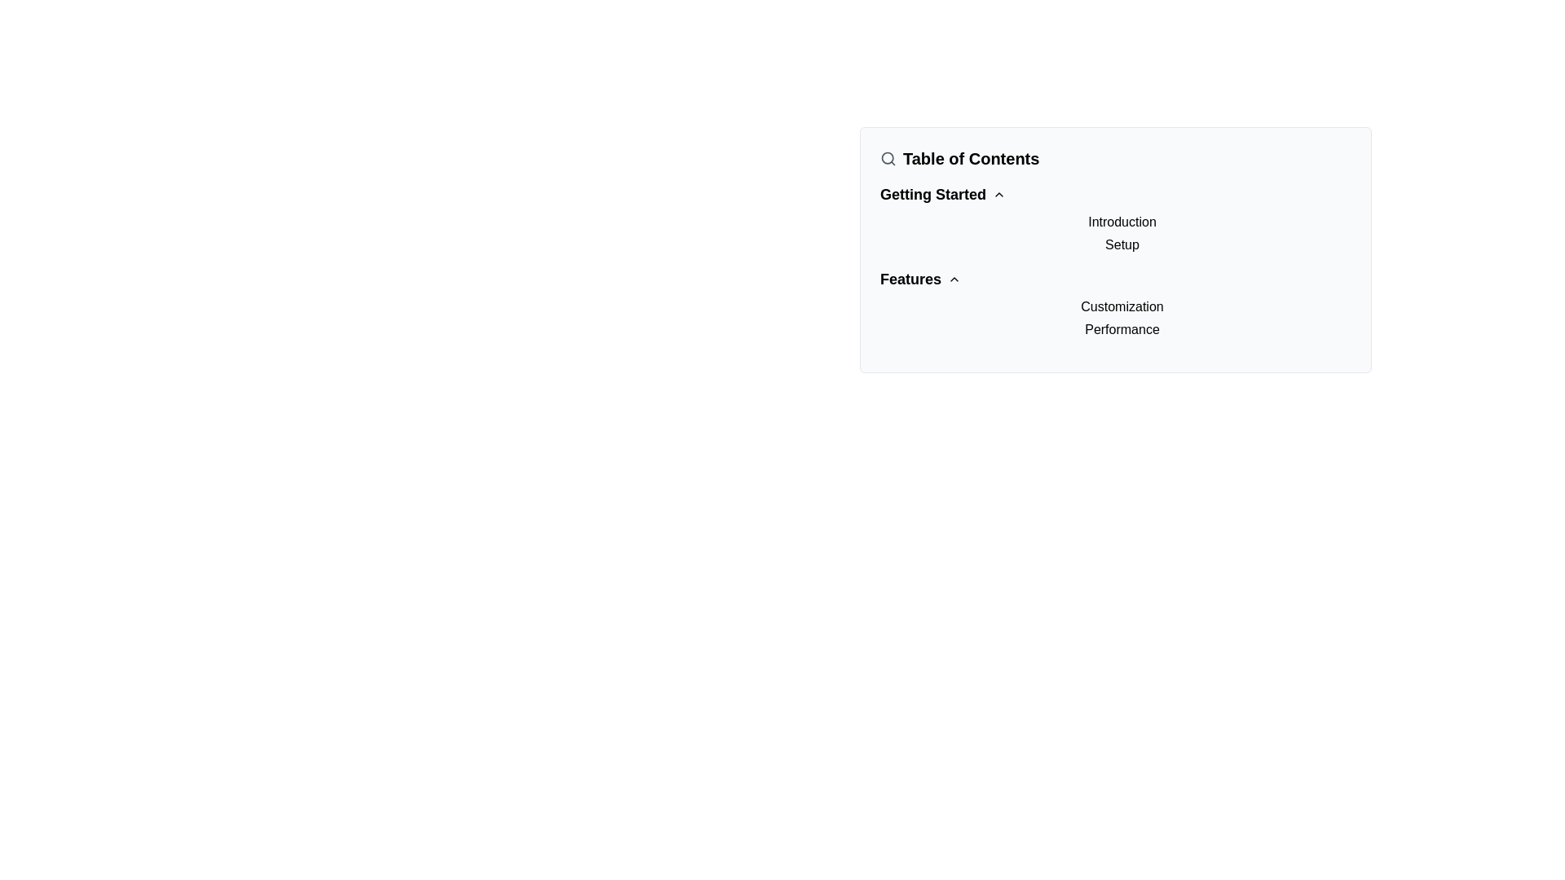  Describe the element at coordinates (919, 279) in the screenshot. I see `the 'Features' interactive heading with an expand/collapse icon` at that location.